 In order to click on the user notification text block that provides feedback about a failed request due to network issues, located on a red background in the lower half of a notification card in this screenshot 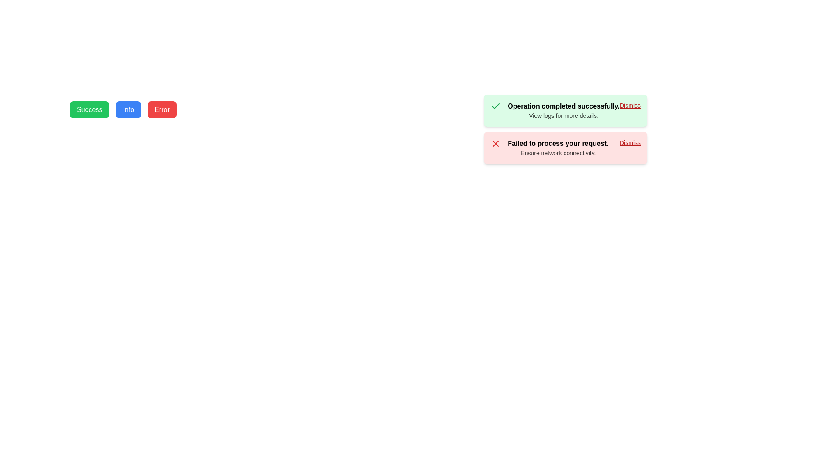, I will do `click(558, 147)`.